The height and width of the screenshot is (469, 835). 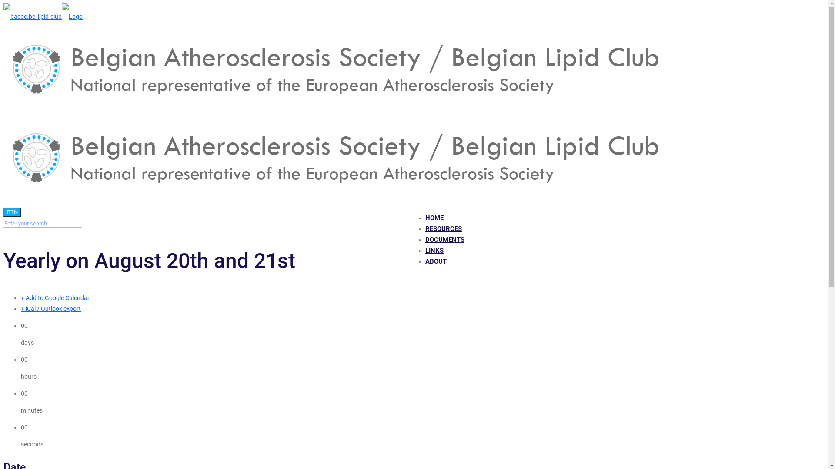 What do you see at coordinates (434, 217) in the screenshot?
I see `'HOME'` at bounding box center [434, 217].